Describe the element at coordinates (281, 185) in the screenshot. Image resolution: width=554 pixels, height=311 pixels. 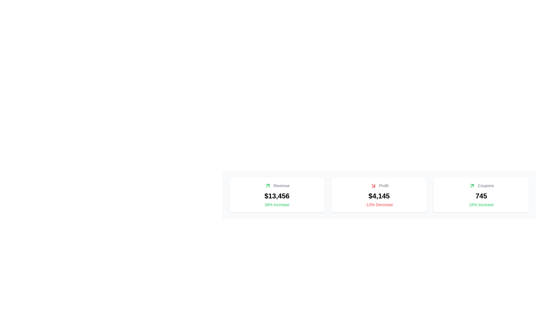
I see `label 'Revenue' located in the first card from the left, which is part of a group that includes a green upward arrow icon to its immediate left` at that location.